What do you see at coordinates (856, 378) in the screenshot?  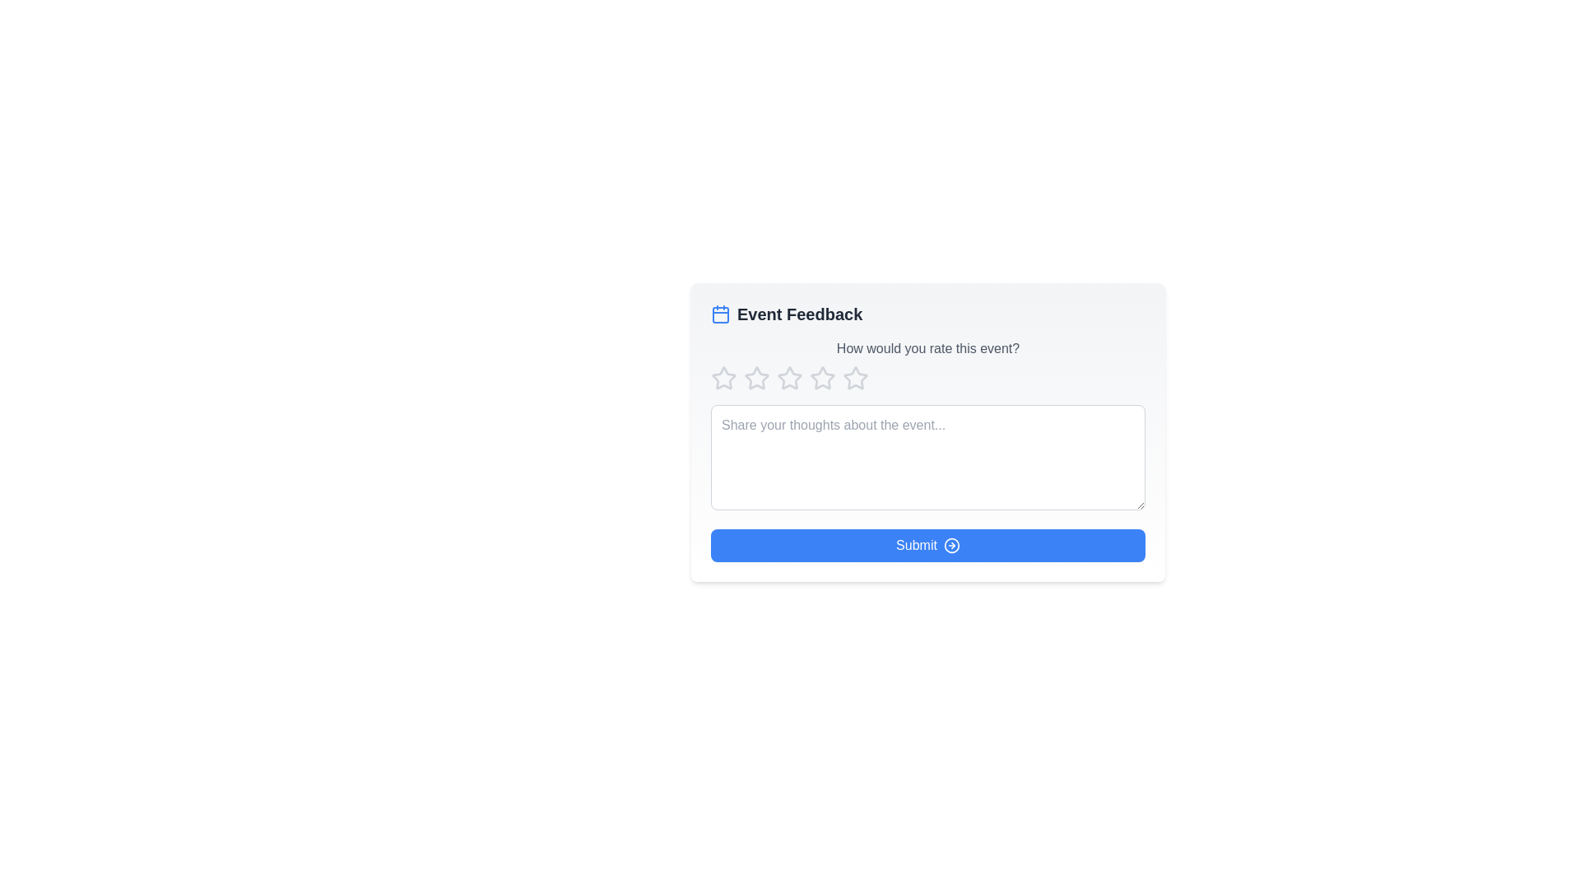 I see `the fourth star icon representing a 4-star rating in the multi-star rating system below the 'How would you rate this event?' label` at bounding box center [856, 378].